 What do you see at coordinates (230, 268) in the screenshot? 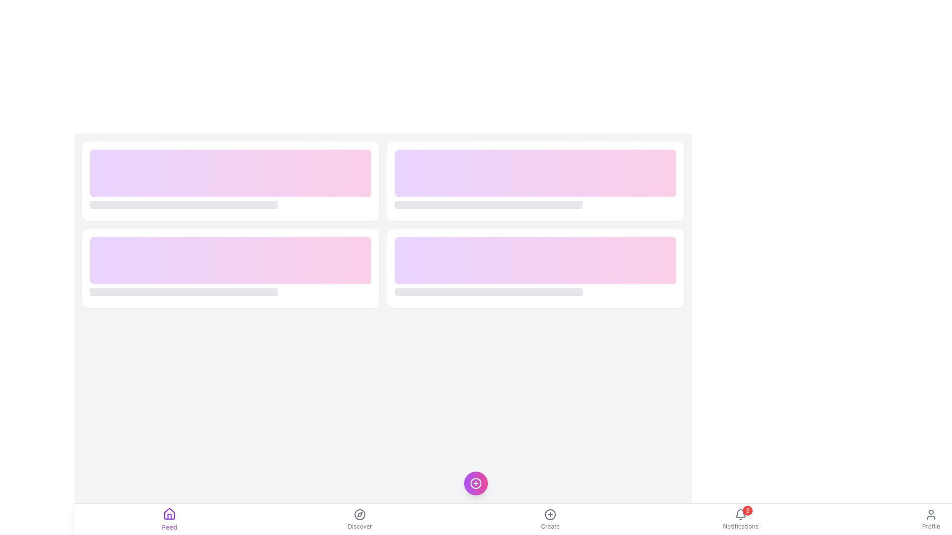
I see `the rectangular card with a white background and rounded edges, located in the second row and first column of the grid` at bounding box center [230, 268].